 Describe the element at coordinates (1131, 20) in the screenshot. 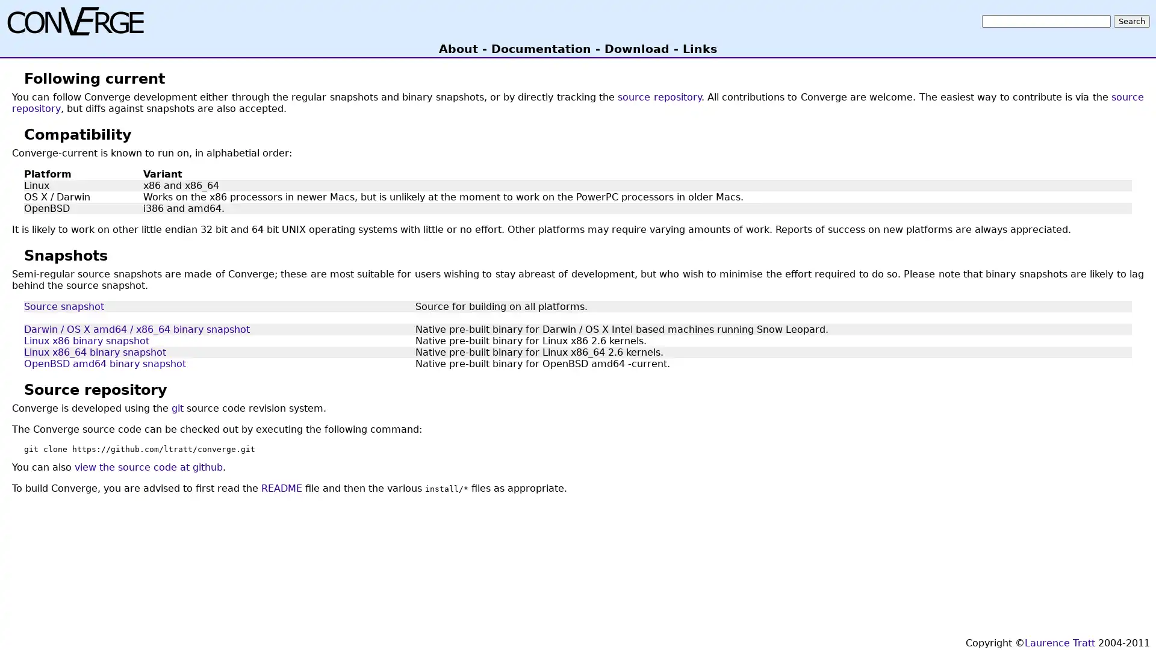

I see `Search` at that location.